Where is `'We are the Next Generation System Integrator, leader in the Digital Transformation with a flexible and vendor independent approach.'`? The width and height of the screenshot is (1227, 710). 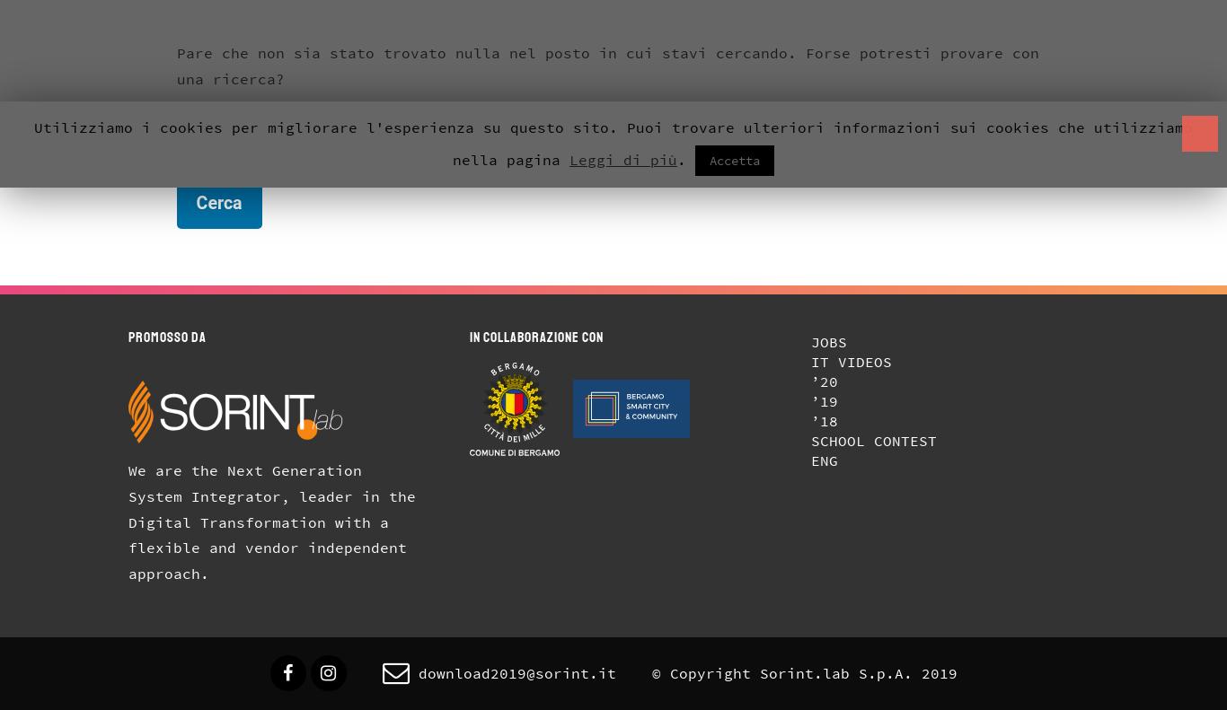 'We are the Next Generation System Integrator, leader in the Digital Transformation with a flexible and vendor independent approach.' is located at coordinates (277, 521).